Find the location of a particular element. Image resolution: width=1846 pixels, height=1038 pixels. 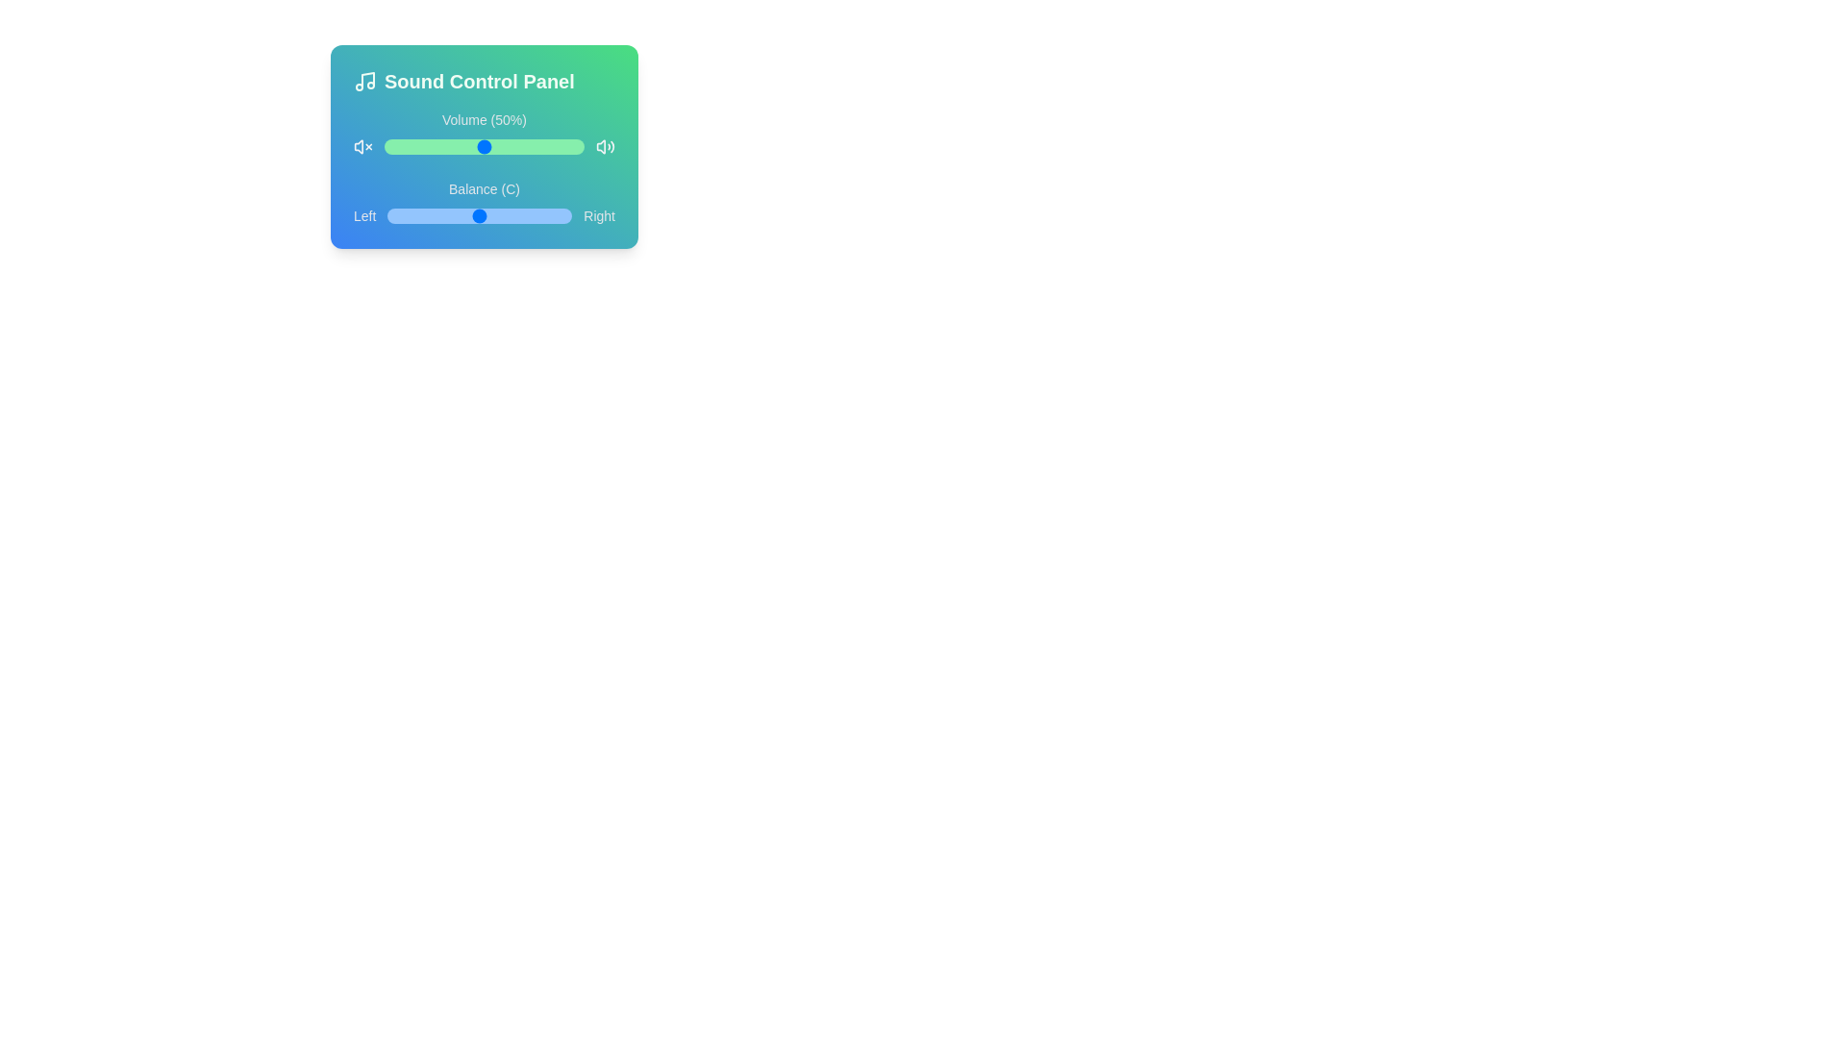

the volume slider is located at coordinates (386, 146).